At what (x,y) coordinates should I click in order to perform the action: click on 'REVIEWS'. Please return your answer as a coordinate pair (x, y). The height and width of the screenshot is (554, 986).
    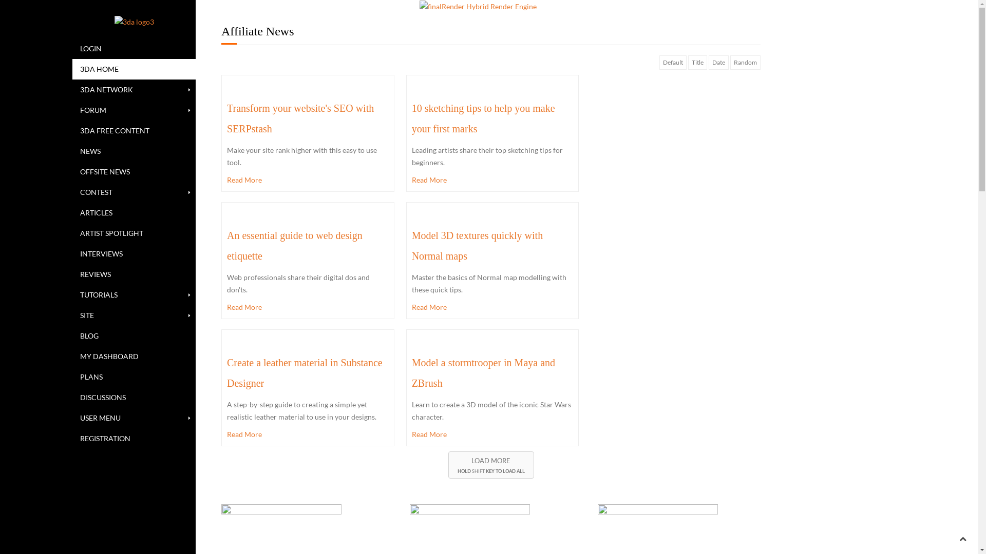
    Looking at the image, I should click on (133, 274).